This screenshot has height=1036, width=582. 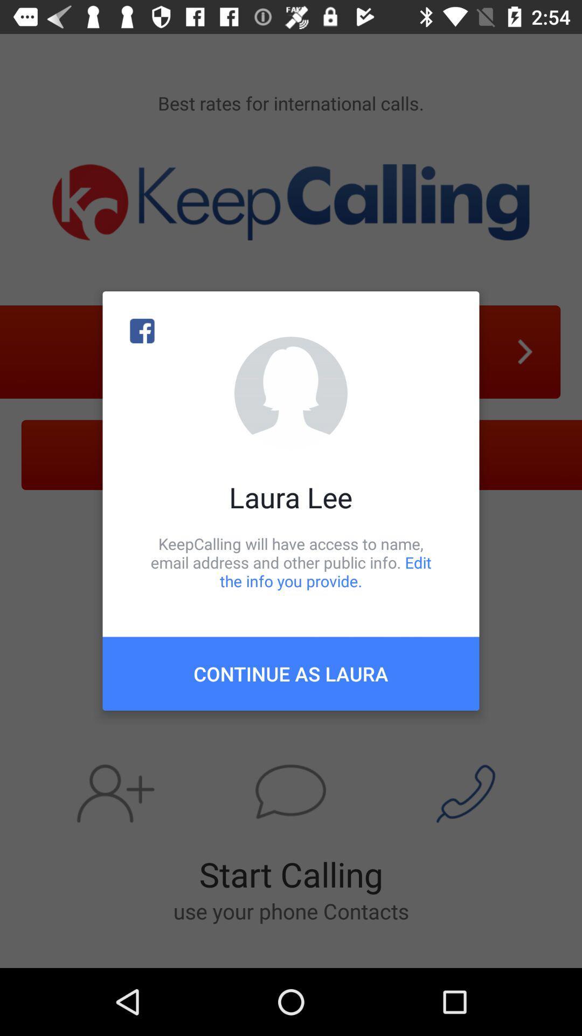 What do you see at coordinates (291, 673) in the screenshot?
I see `the icon below keepcalling will have icon` at bounding box center [291, 673].